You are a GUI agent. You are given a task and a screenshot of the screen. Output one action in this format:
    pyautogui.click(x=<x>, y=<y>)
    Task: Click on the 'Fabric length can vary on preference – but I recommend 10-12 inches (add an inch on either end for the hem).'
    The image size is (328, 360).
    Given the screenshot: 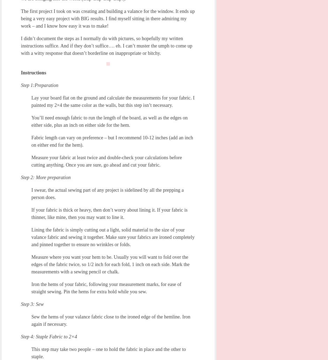 What is the action you would take?
    pyautogui.click(x=112, y=141)
    